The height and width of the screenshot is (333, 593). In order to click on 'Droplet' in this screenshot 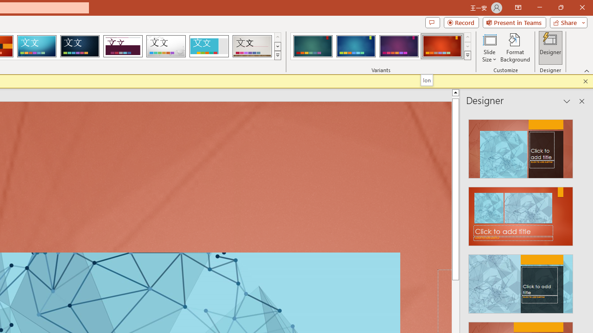, I will do `click(166, 46)`.